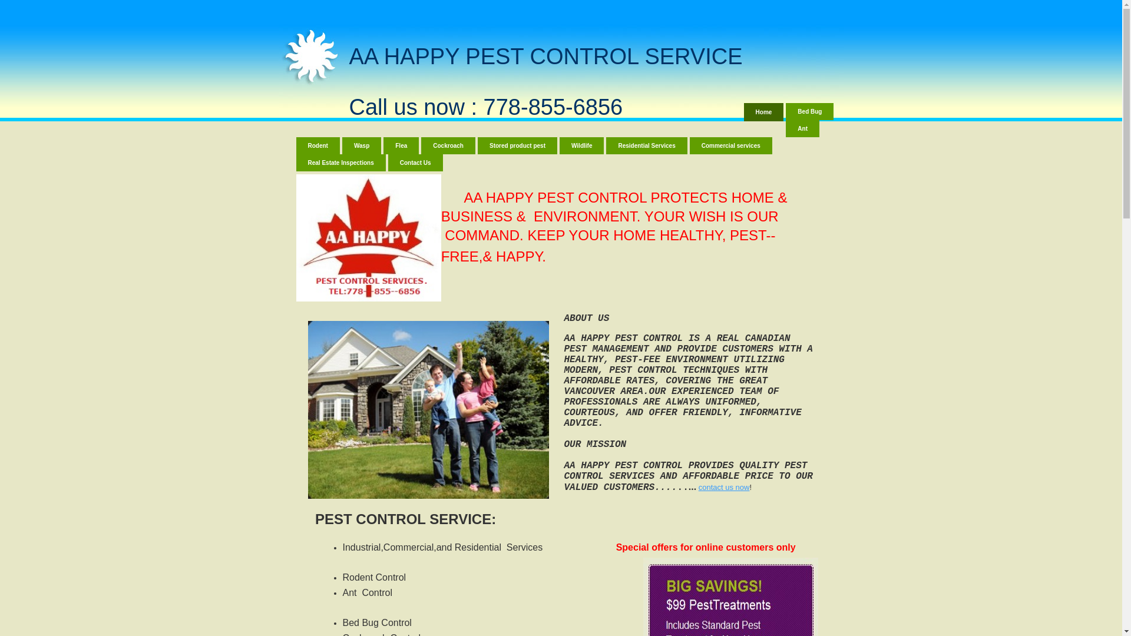 The height and width of the screenshot is (636, 1131). I want to click on 'Wasp', so click(341, 145).